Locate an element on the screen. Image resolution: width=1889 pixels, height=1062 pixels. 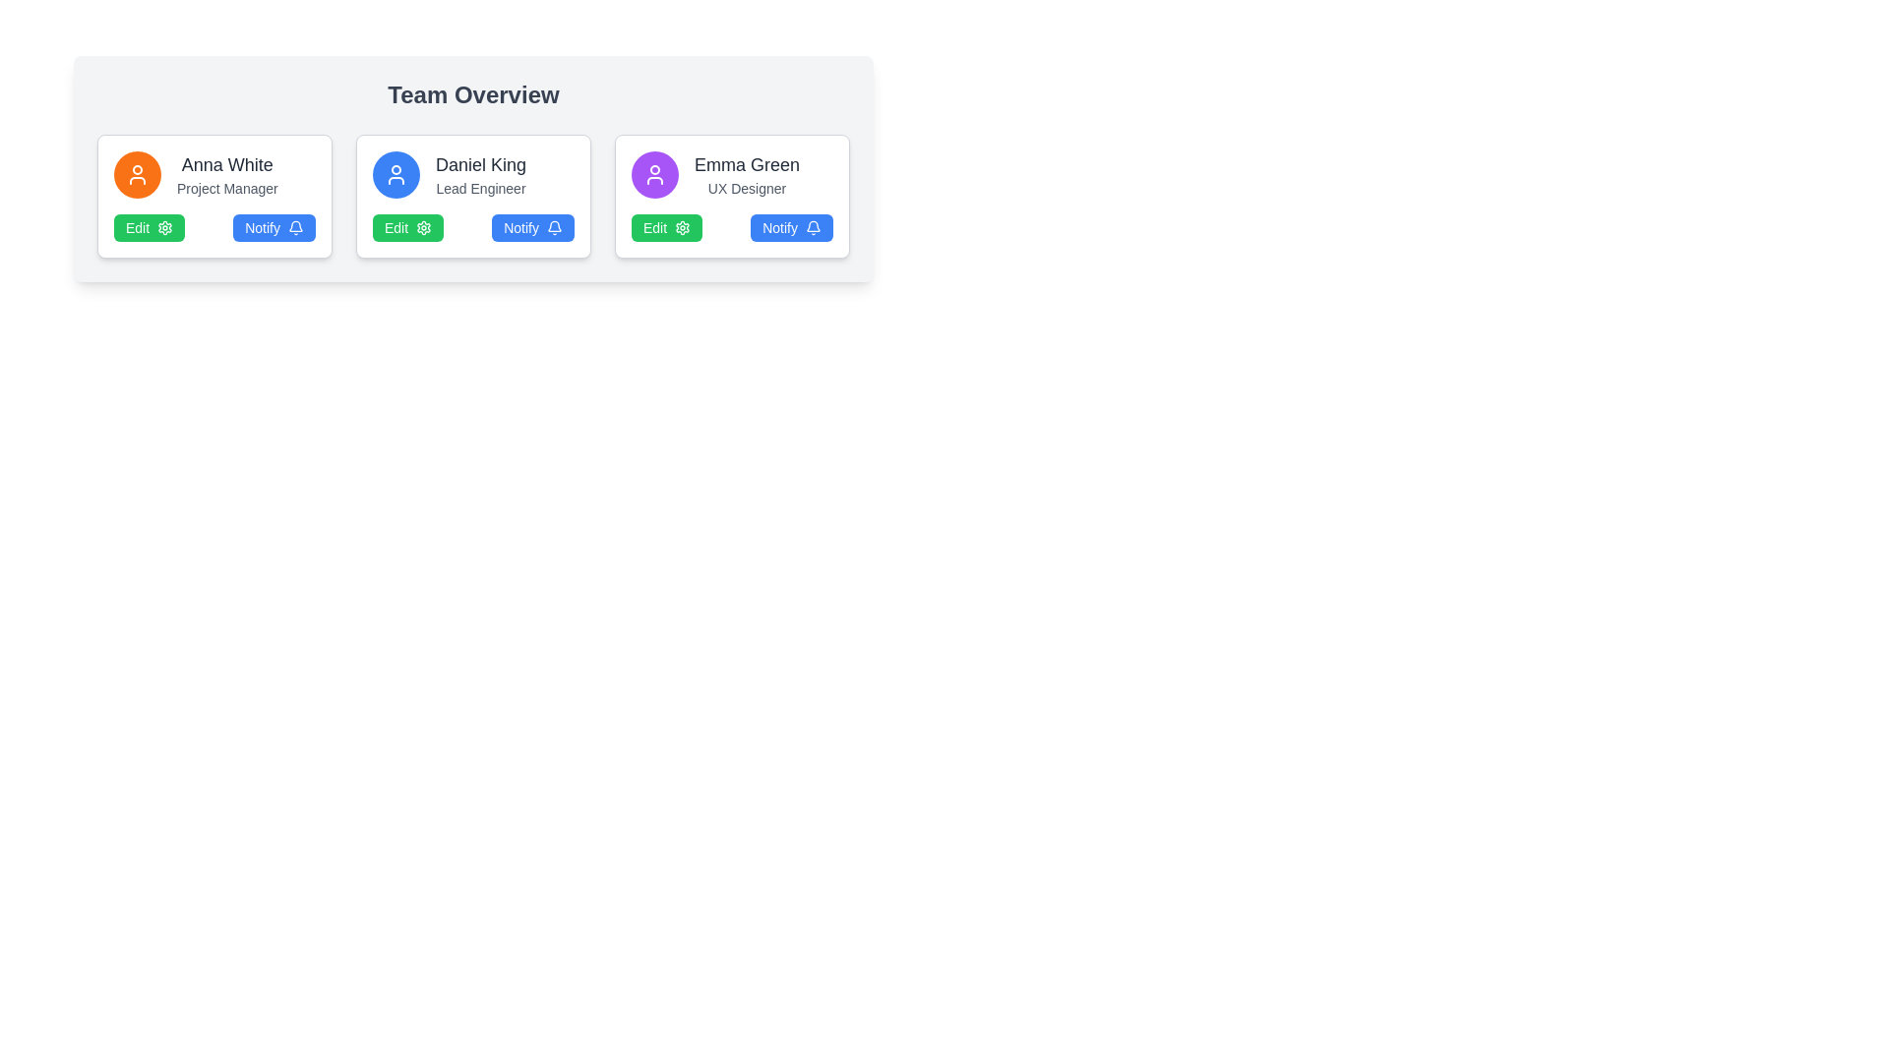
the circular blue button containing a white user silhouette icon, which is the leftmost element in the 'Daniel King Lead Engineer' section of the 'Team Overview' cards is located at coordinates (396, 173).